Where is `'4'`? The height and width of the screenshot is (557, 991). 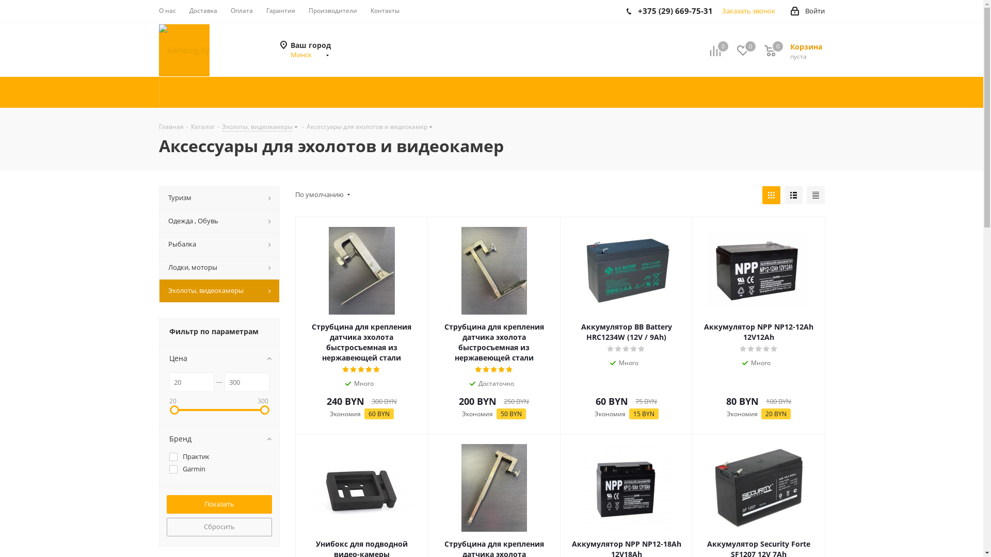 '4' is located at coordinates (766, 349).